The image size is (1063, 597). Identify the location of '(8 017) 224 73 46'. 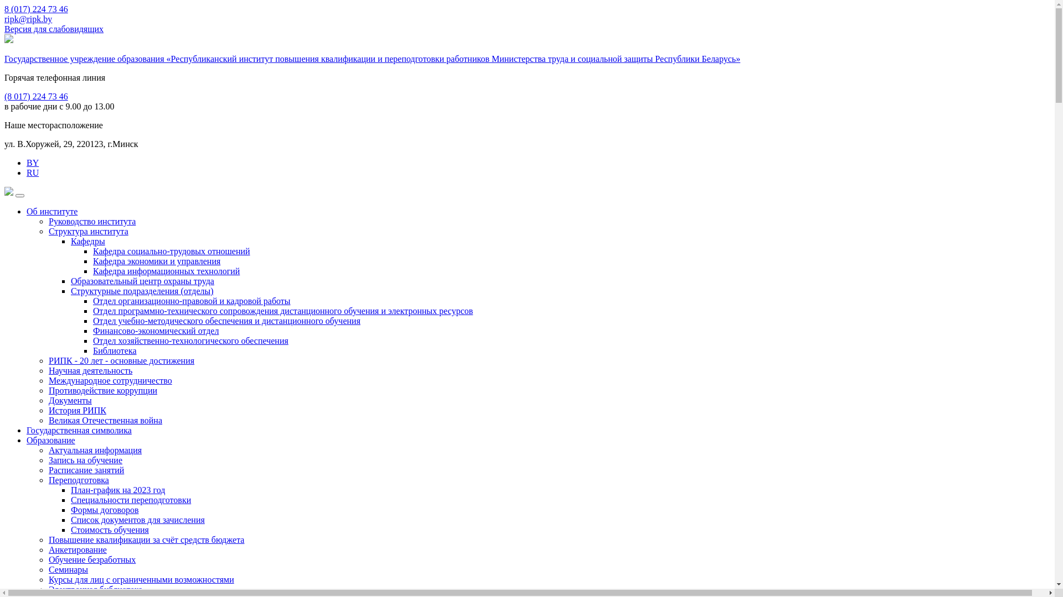
(36, 96).